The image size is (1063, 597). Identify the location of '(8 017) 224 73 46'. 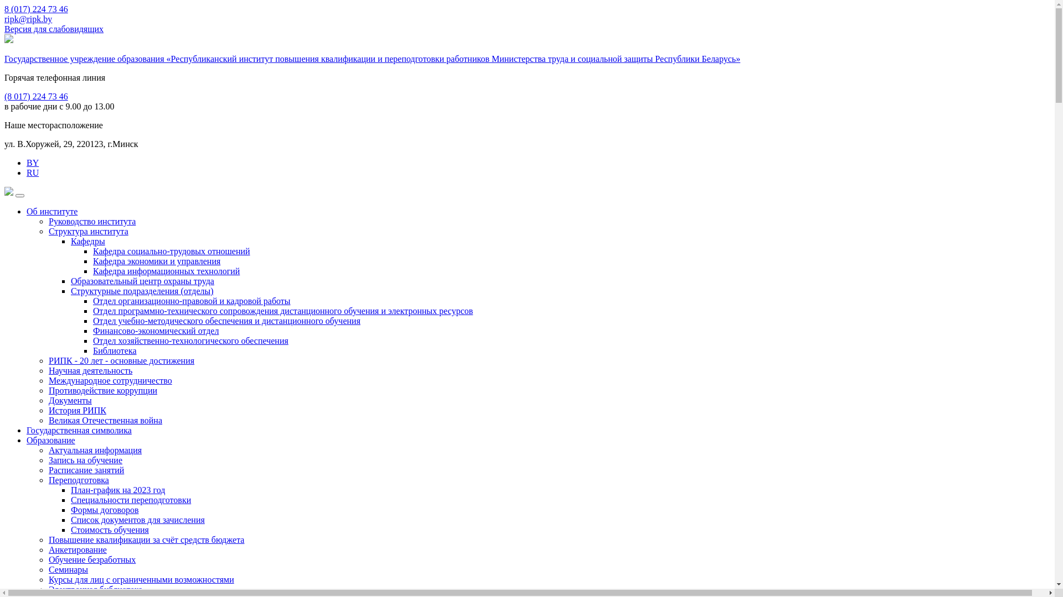
(36, 96).